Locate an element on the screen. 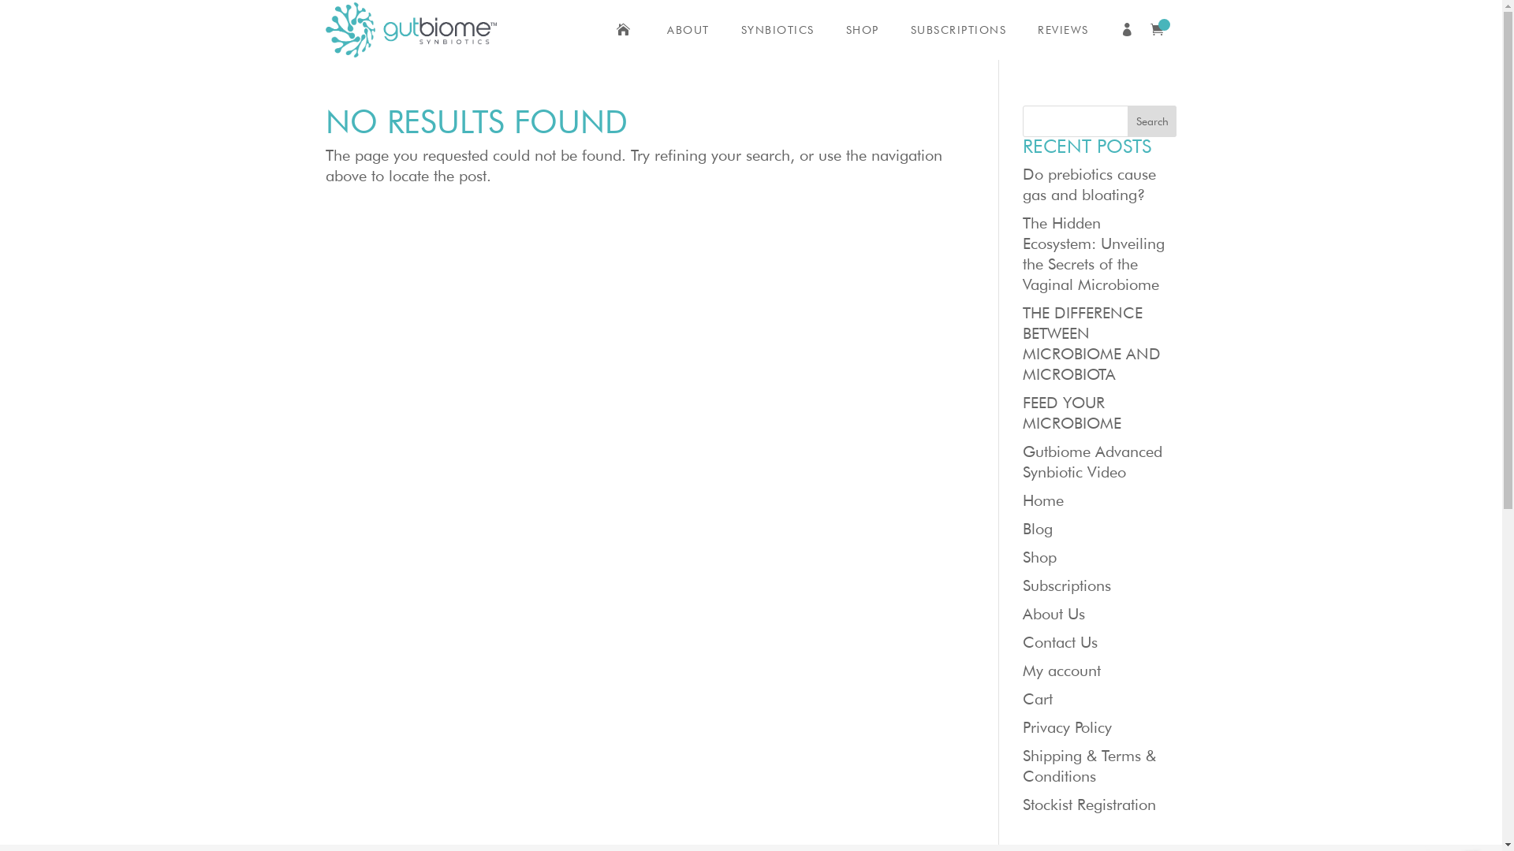  'My account' is located at coordinates (1061, 671).